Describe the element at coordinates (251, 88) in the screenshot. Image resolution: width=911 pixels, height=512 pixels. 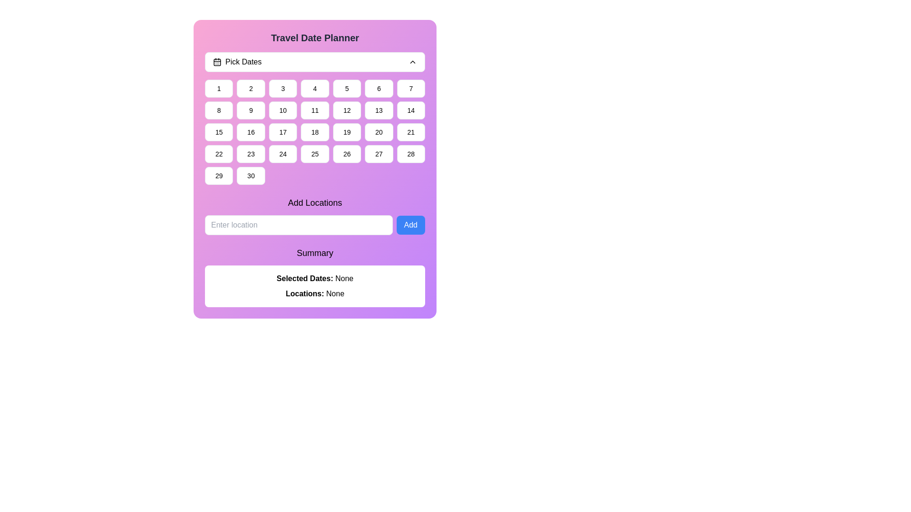
I see `the date button located in the 'Pick Dates' section of the date-picker interface` at that location.